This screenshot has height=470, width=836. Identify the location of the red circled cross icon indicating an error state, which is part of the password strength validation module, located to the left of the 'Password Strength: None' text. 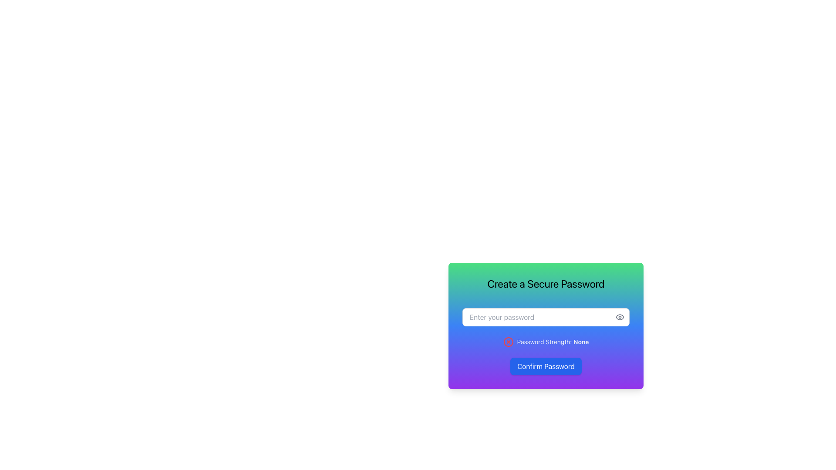
(508, 342).